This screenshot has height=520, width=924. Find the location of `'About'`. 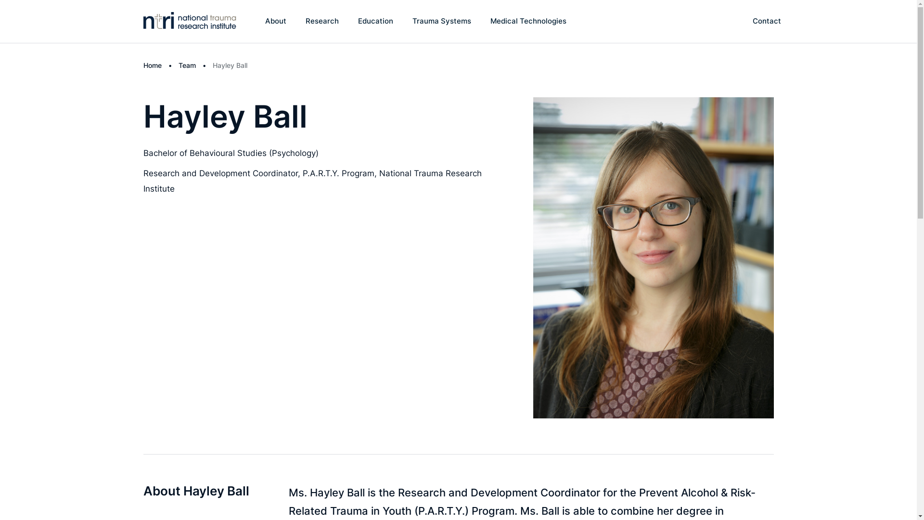

'About' is located at coordinates (275, 21).